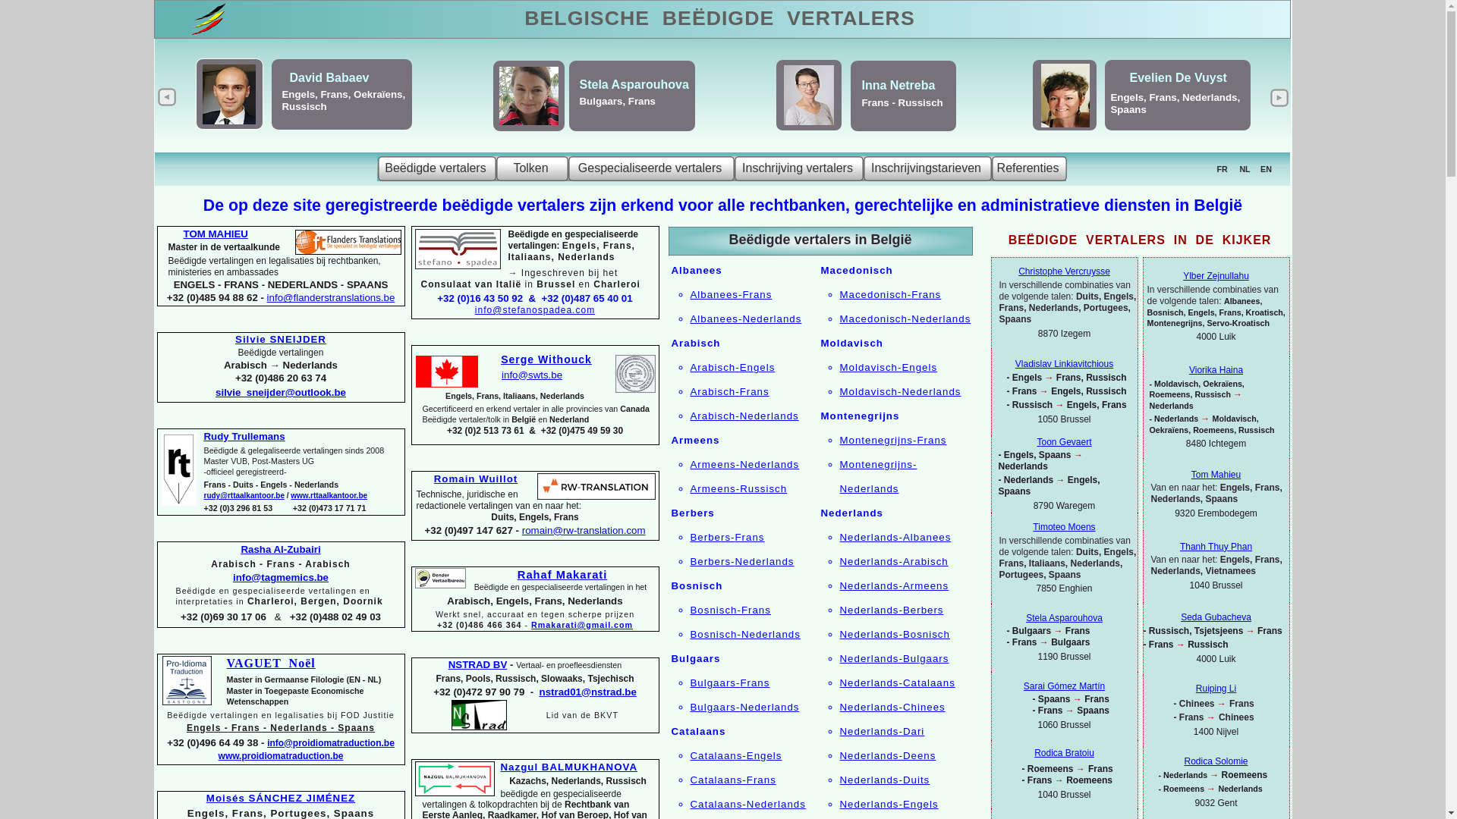  I want to click on 'Ruiping Li', so click(1216, 688).